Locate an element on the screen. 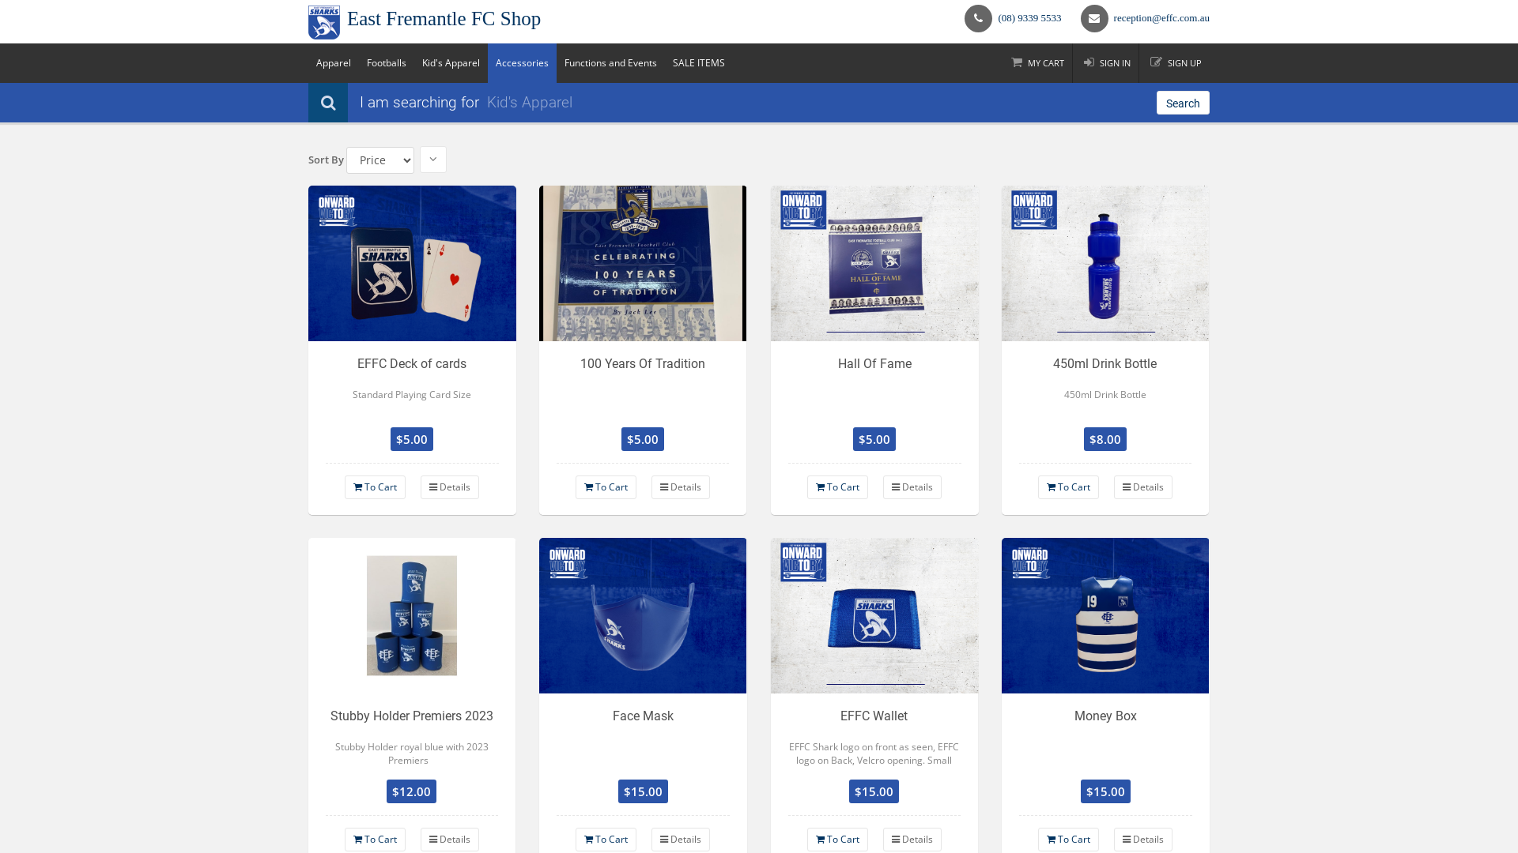 The image size is (1518, 853). 'Search' is located at coordinates (1183, 103).